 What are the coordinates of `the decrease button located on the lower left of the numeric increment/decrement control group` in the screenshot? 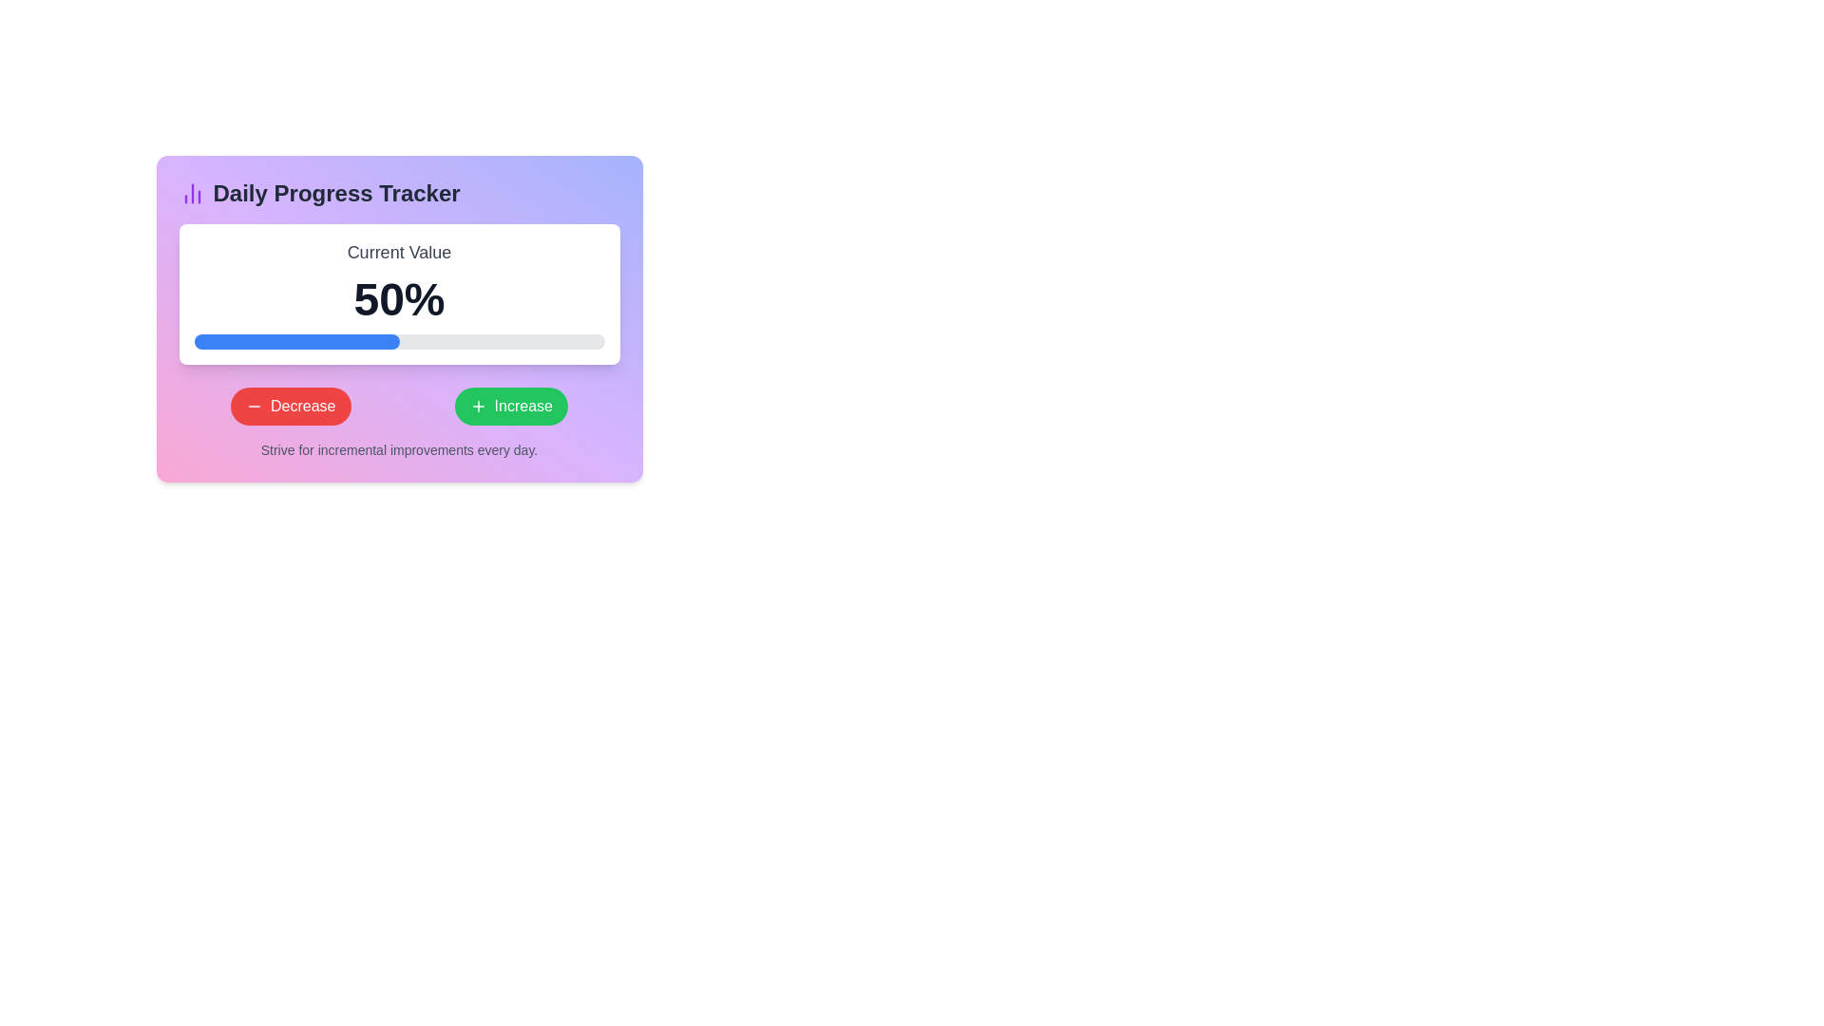 It's located at (290, 406).